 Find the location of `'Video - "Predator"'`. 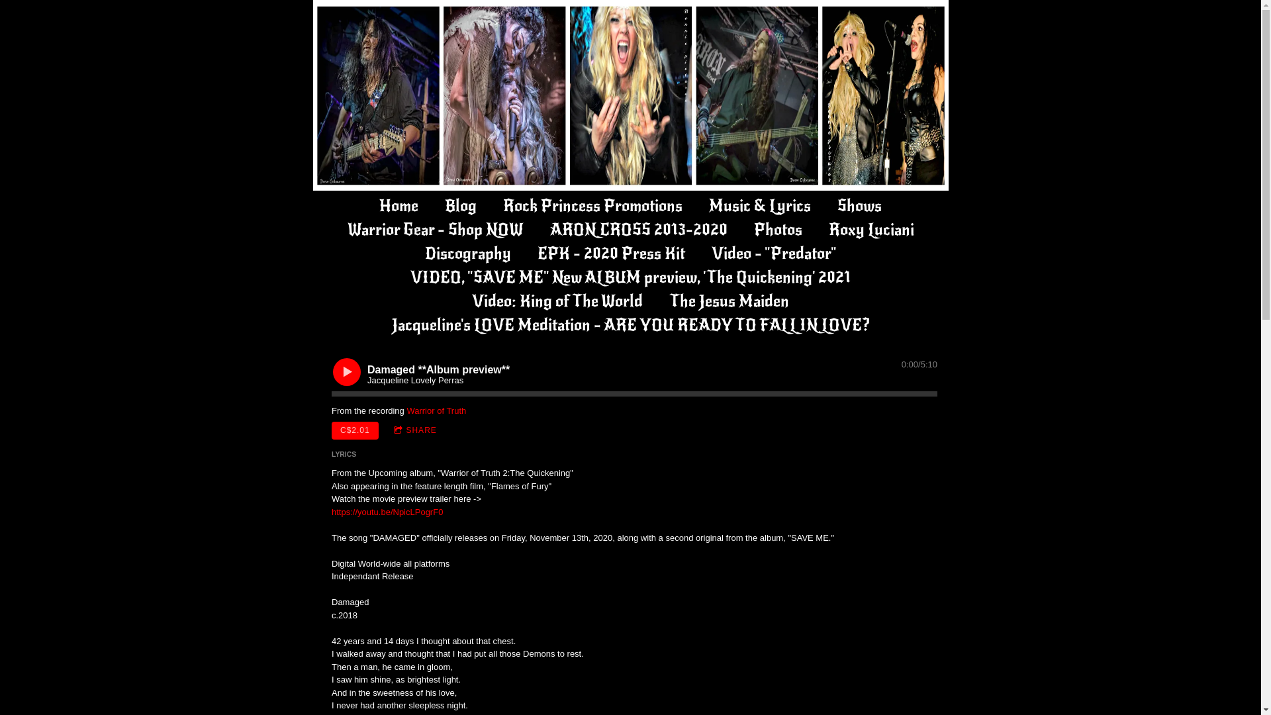

'Video - "Predator"' is located at coordinates (773, 253).